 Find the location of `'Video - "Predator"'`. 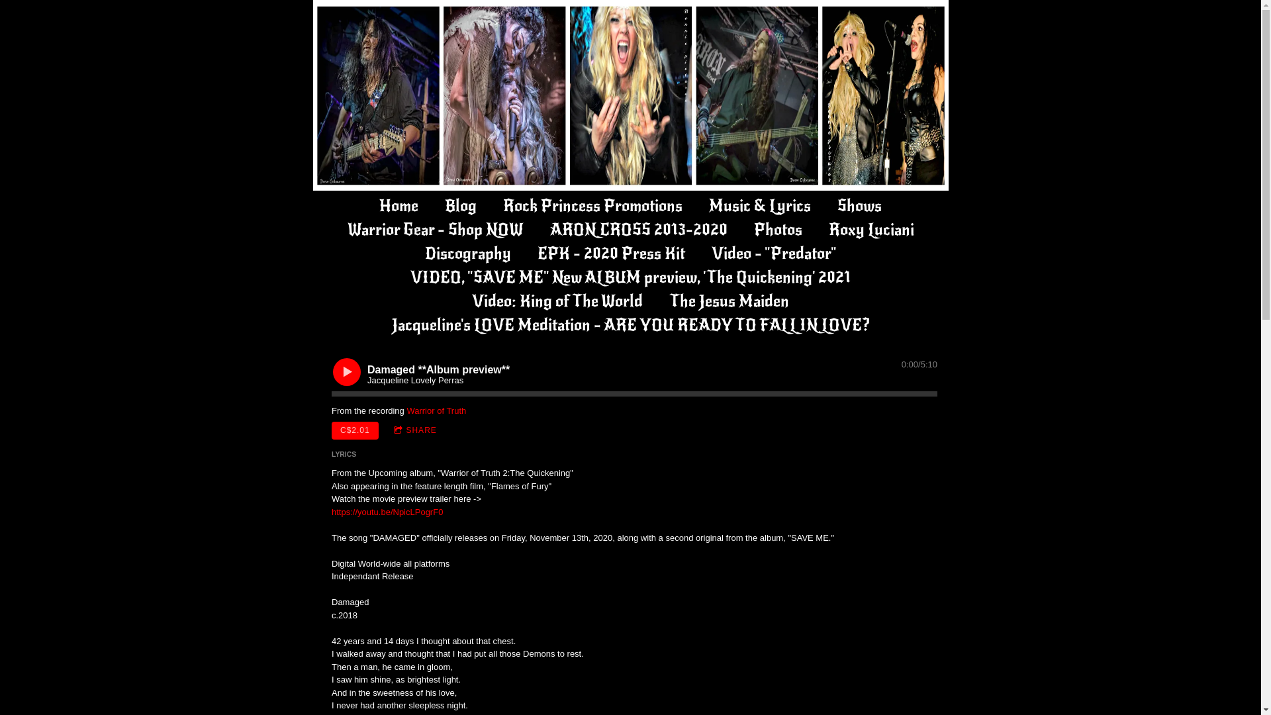

'Video - "Predator"' is located at coordinates (773, 253).